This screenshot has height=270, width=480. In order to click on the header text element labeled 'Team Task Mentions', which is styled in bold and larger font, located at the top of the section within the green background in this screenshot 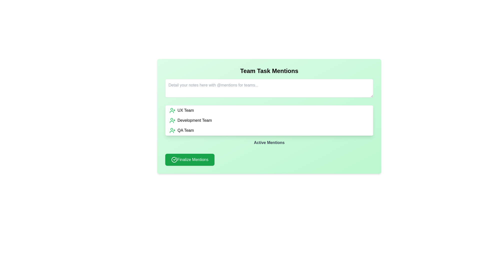, I will do `click(269, 71)`.